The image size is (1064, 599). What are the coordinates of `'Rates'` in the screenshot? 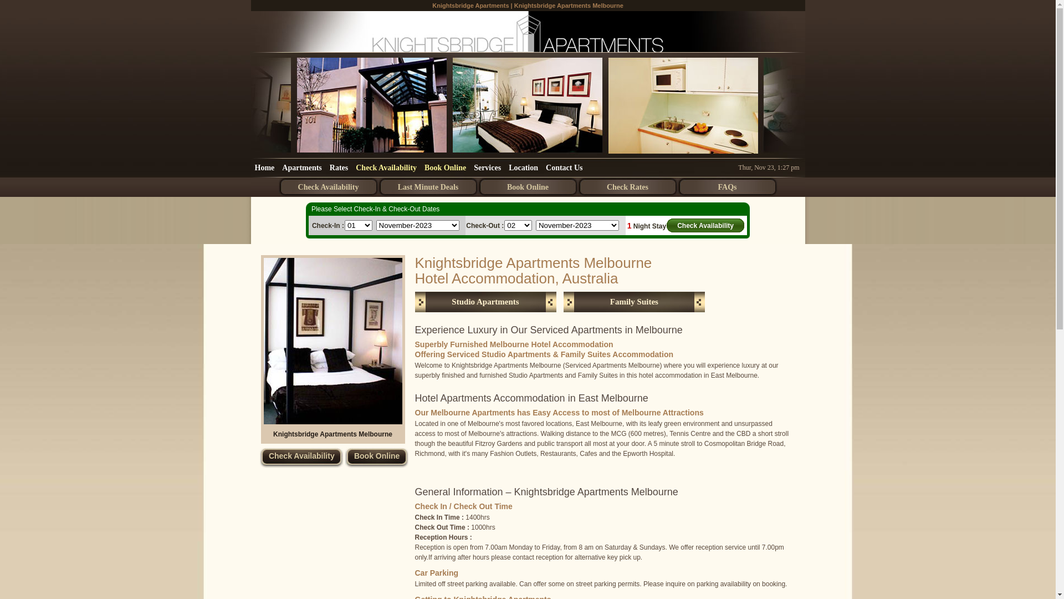 It's located at (325, 167).